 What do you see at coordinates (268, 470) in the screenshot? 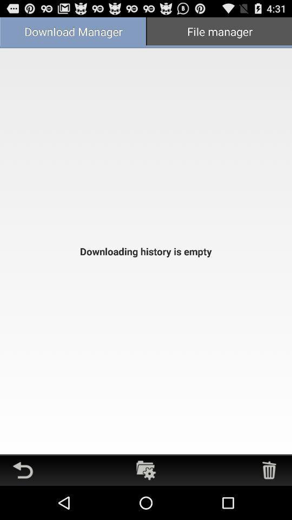
I see `trash is empty` at bounding box center [268, 470].